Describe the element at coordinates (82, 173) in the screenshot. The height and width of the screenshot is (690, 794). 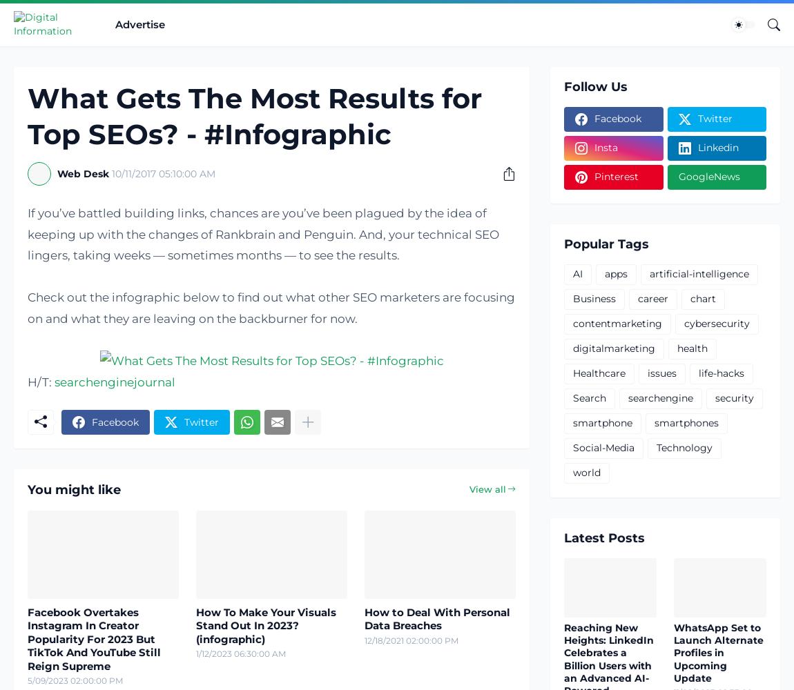
I see `'Web Desk'` at that location.